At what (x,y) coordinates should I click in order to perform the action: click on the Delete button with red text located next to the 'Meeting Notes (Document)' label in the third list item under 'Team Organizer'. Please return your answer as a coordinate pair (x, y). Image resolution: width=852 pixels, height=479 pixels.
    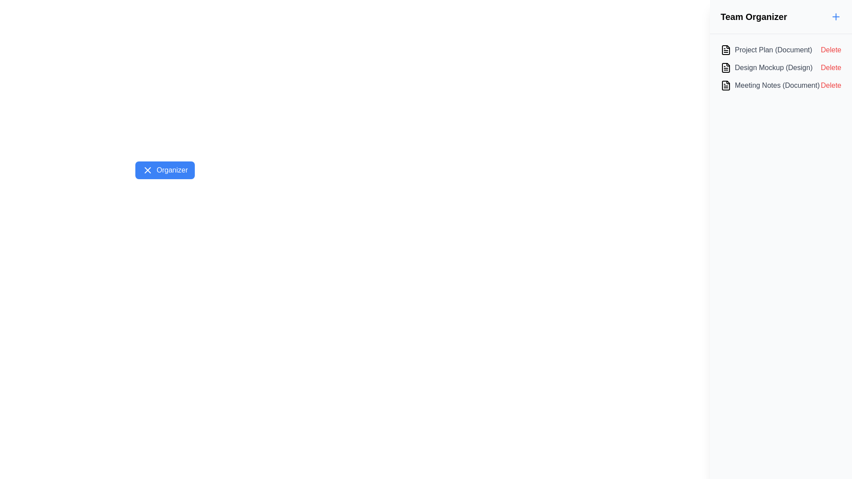
    Looking at the image, I should click on (830, 85).